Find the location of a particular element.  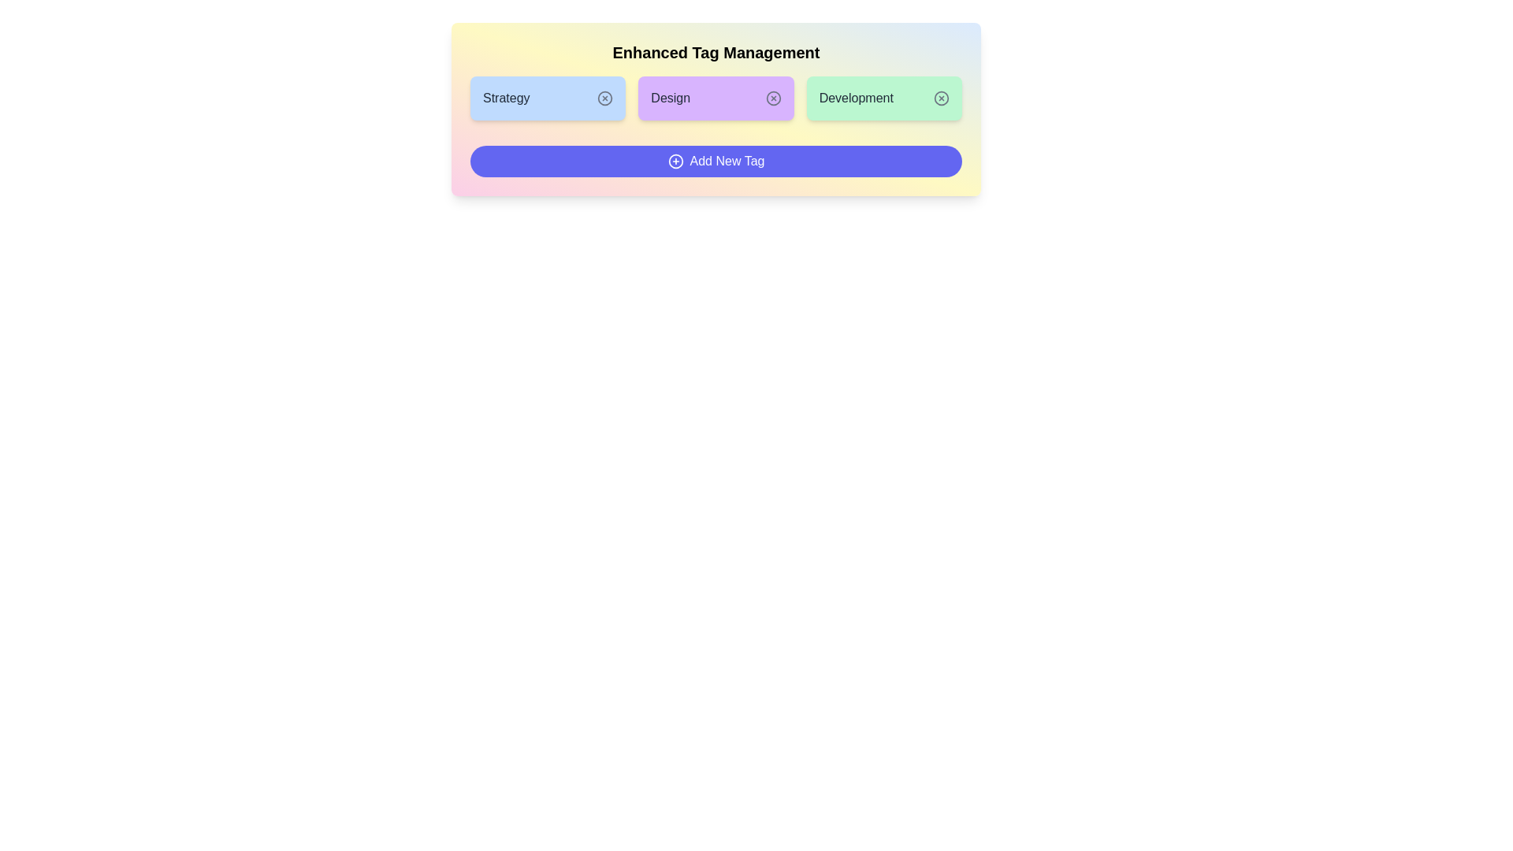

the 'X' button of the tag labeled 'Development' to remove it is located at coordinates (942, 98).